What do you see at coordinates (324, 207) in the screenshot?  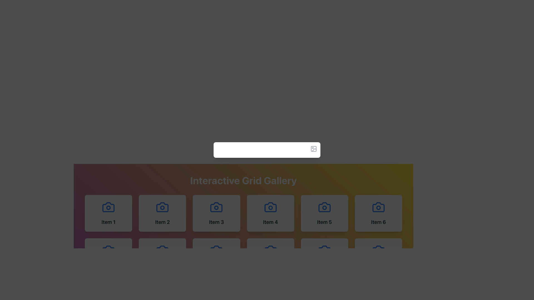 I see `the camera icon located at the top-center part of the 'Item 5' card in the grid layout` at bounding box center [324, 207].